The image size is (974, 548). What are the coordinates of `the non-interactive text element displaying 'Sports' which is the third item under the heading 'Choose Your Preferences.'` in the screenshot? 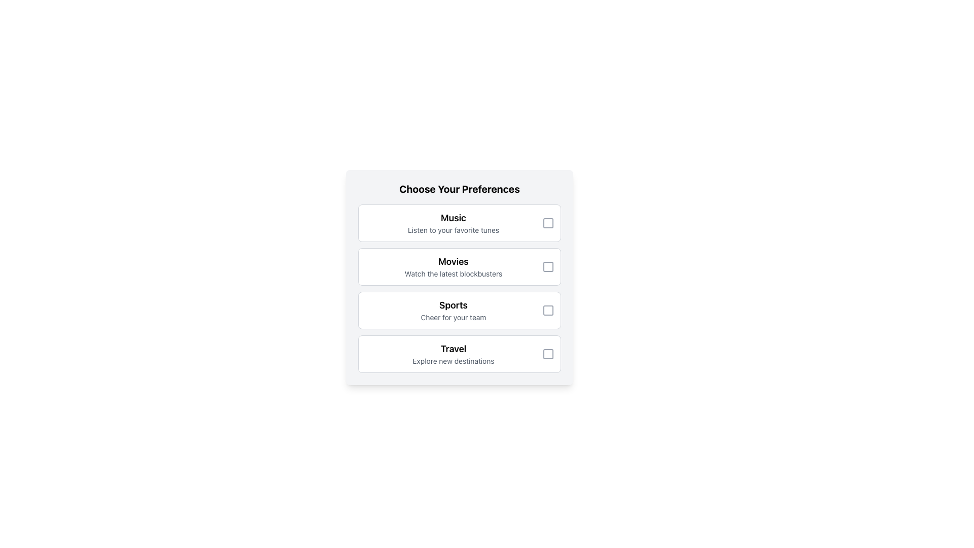 It's located at (453, 304).